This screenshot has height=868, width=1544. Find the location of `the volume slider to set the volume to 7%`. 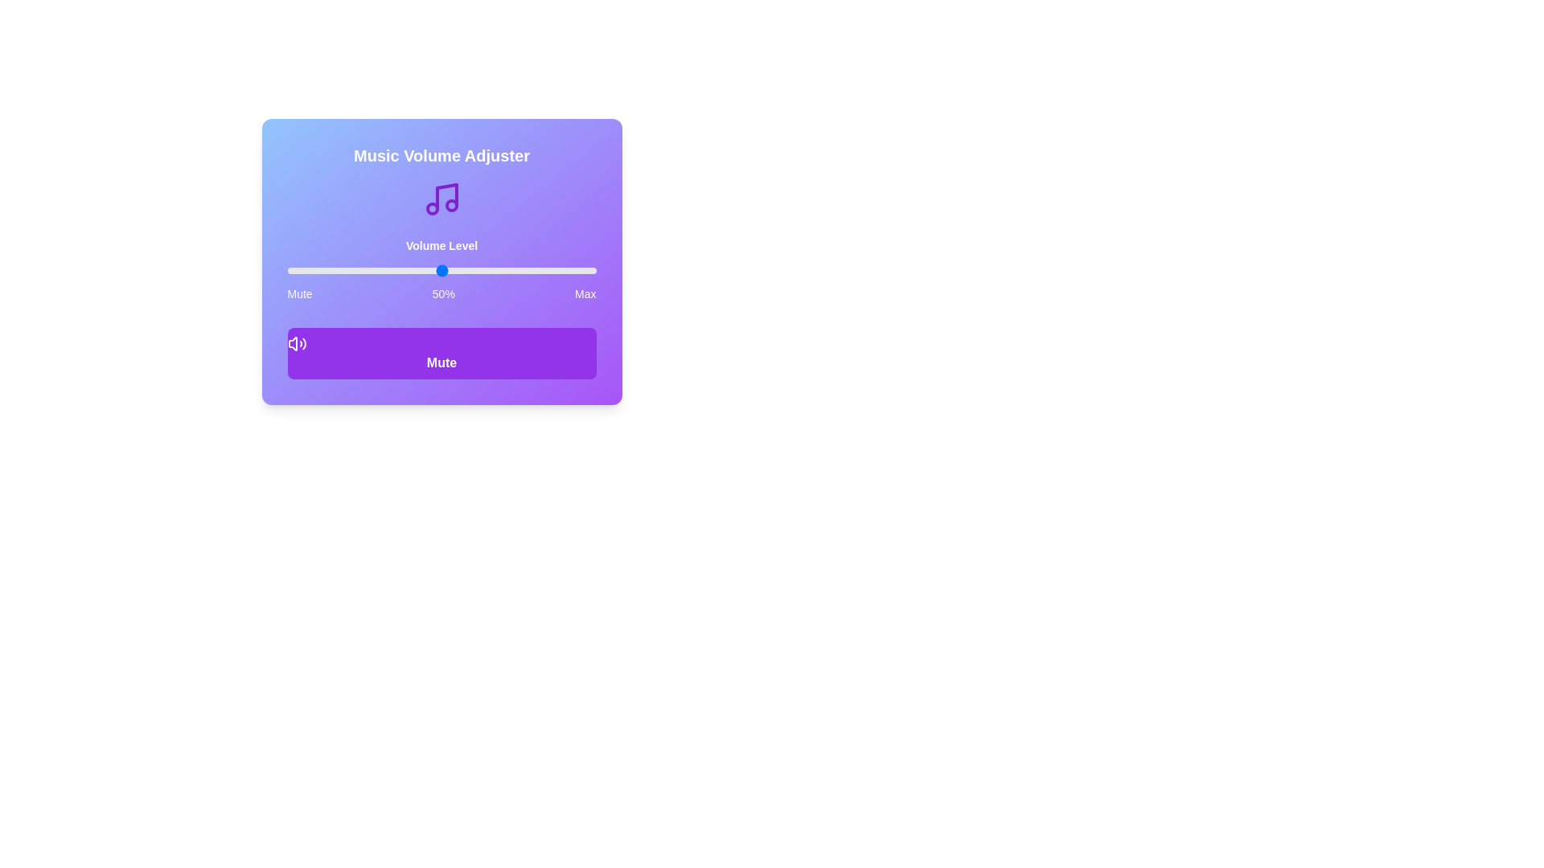

the volume slider to set the volume to 7% is located at coordinates (309, 269).